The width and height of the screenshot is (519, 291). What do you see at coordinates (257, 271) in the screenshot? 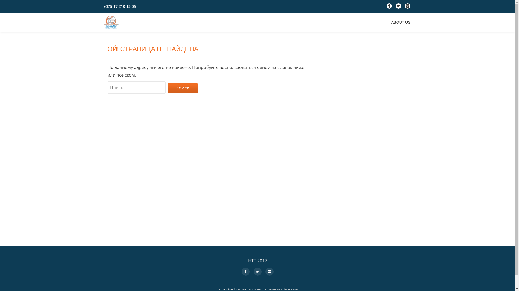
I see `'fa-twitter'` at bounding box center [257, 271].